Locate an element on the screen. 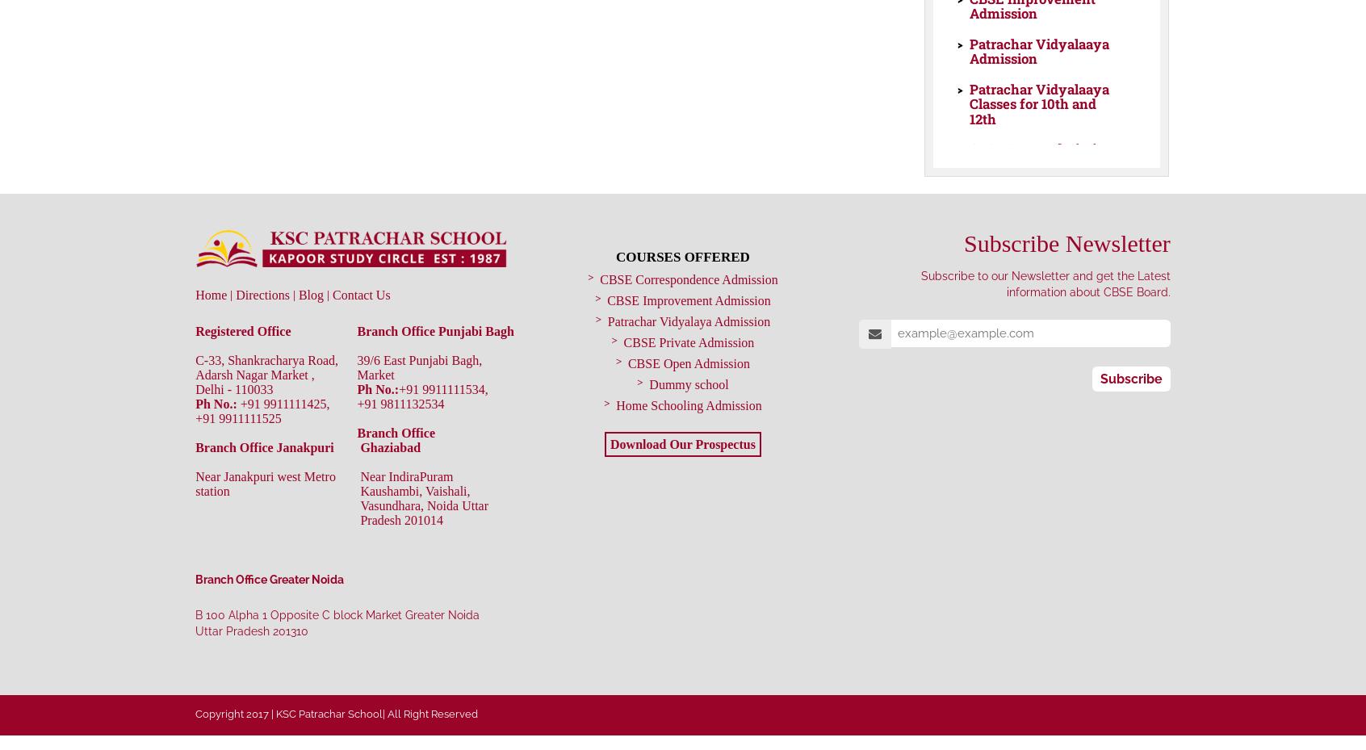  'Subscribe to our Newsletter and get the Latest information about CBSE Board.' is located at coordinates (1044, 283).